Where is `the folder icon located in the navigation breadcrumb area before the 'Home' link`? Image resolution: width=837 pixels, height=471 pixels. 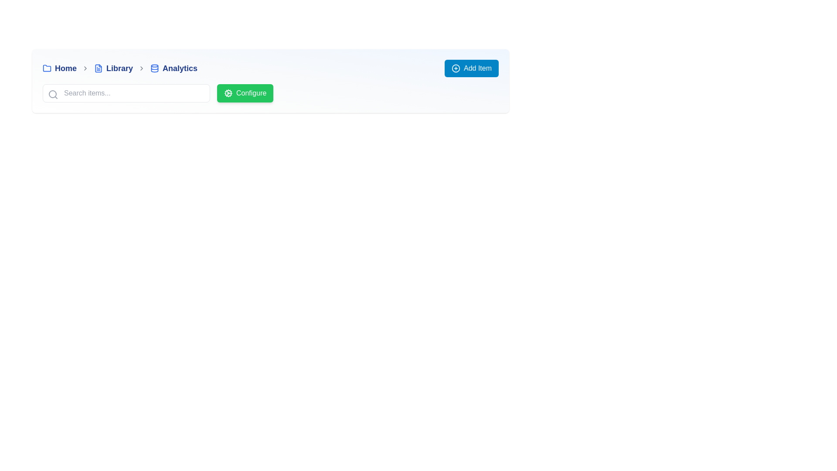 the folder icon located in the navigation breadcrumb area before the 'Home' link is located at coordinates (47, 67).